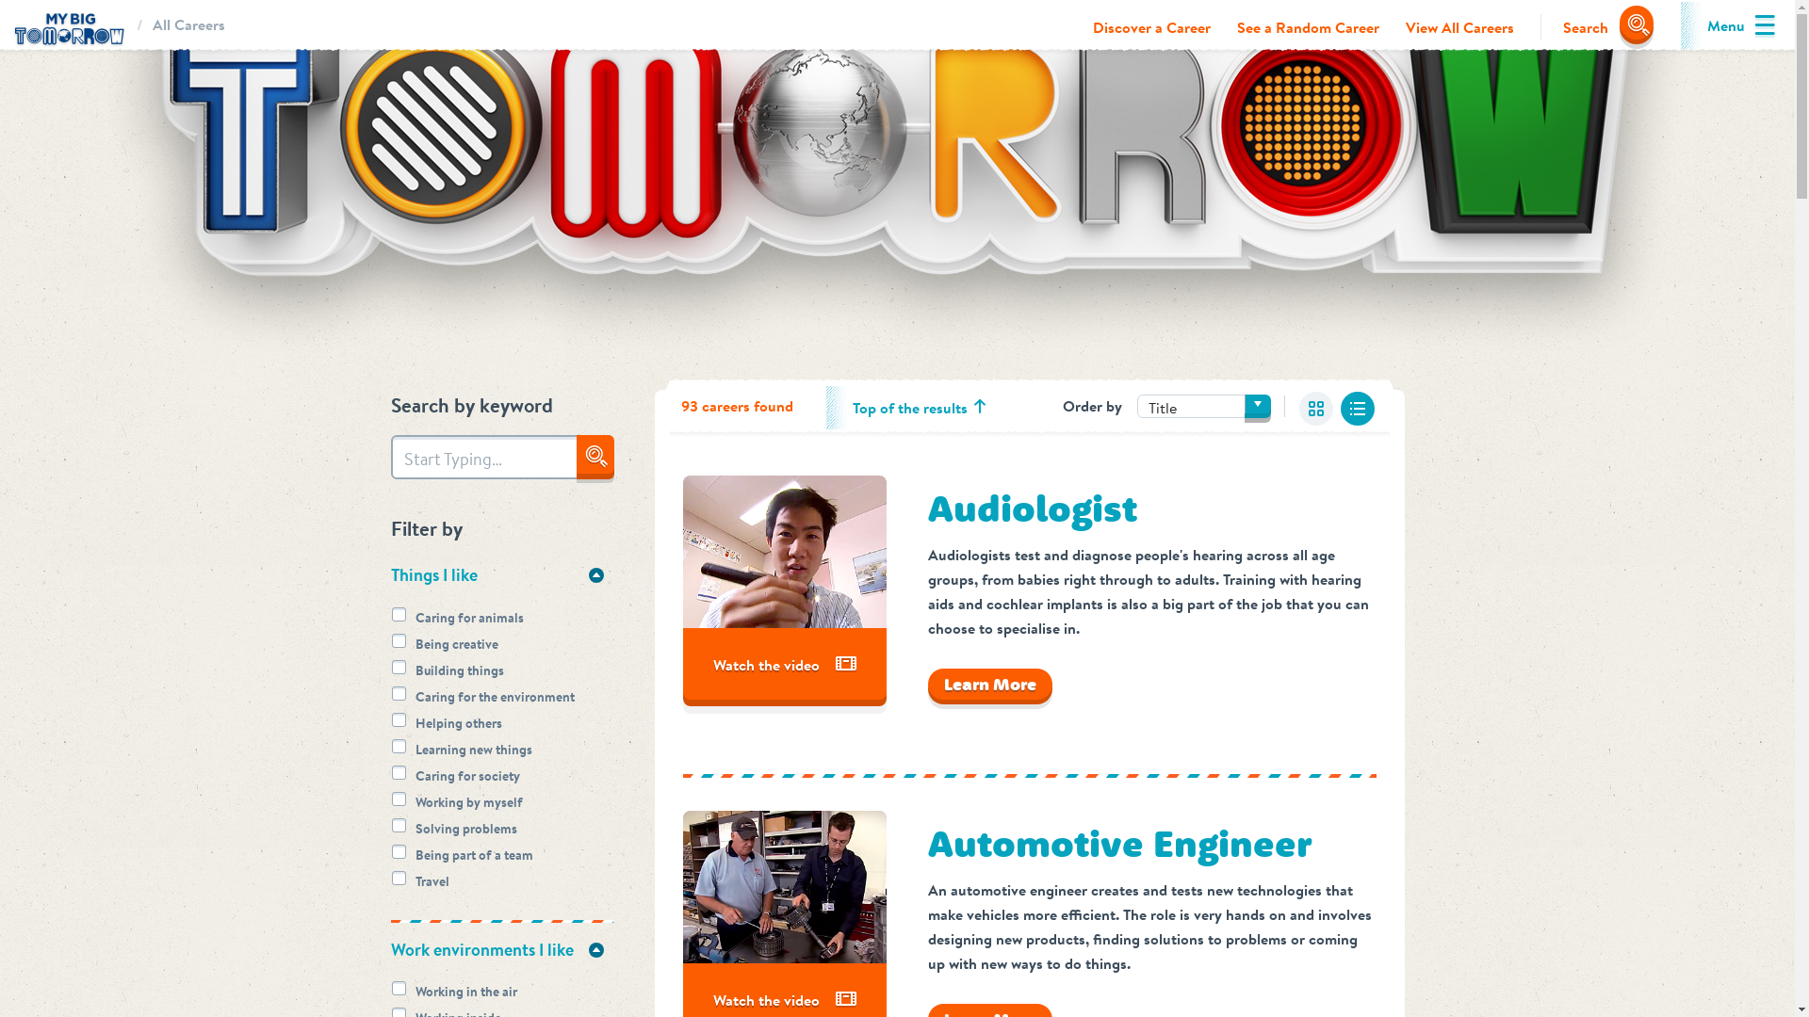  I want to click on 'My Big Tomorrow', so click(68, 25).